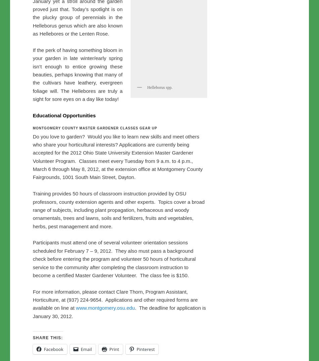 Image resolution: width=319 pixels, height=361 pixels. Describe the element at coordinates (48, 5) in the screenshot. I see `'Share this:'` at that location.